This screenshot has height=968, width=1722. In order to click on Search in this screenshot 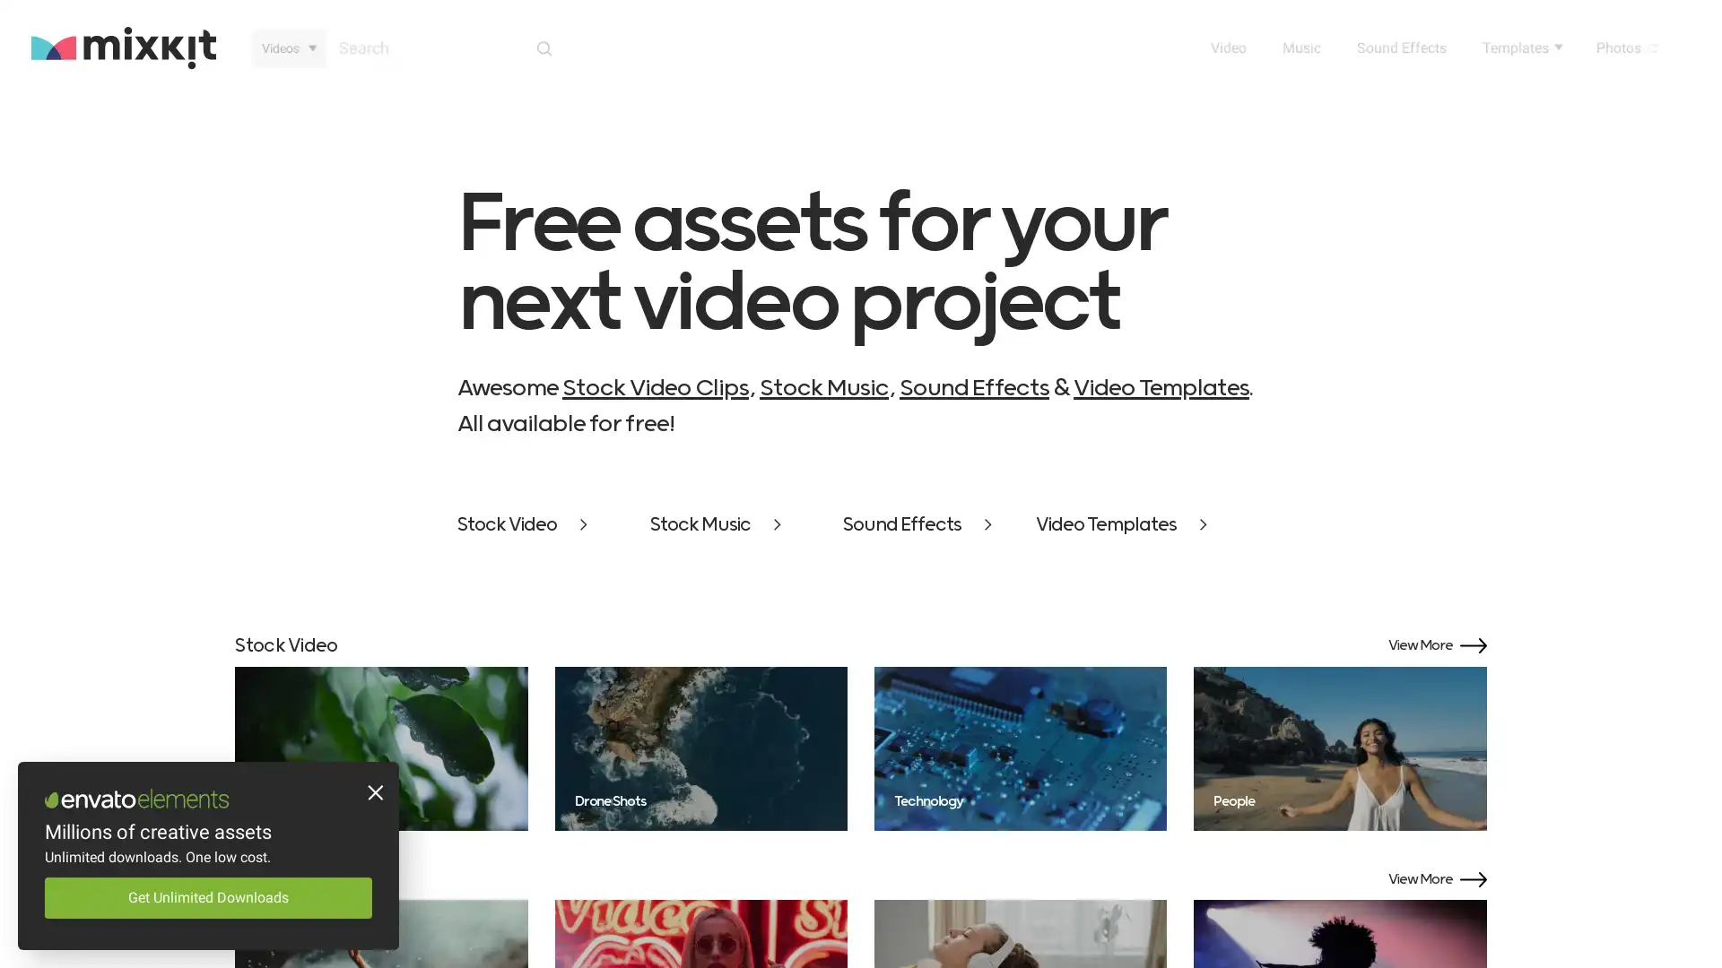, I will do `click(543, 47)`.